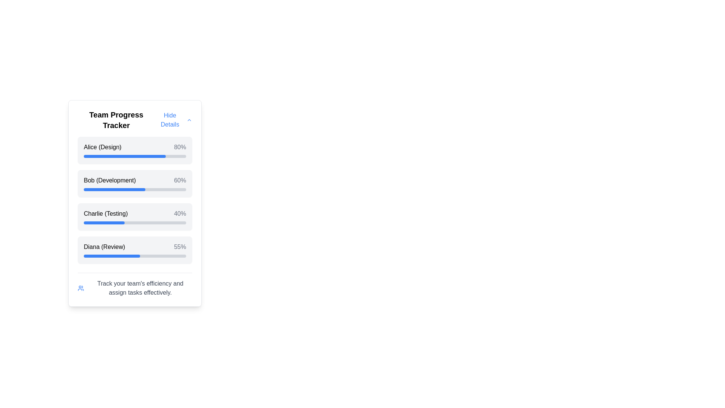 The height and width of the screenshot is (408, 725). What do you see at coordinates (135, 184) in the screenshot?
I see `the progress indicator for 'Bob (Development)'` at bounding box center [135, 184].